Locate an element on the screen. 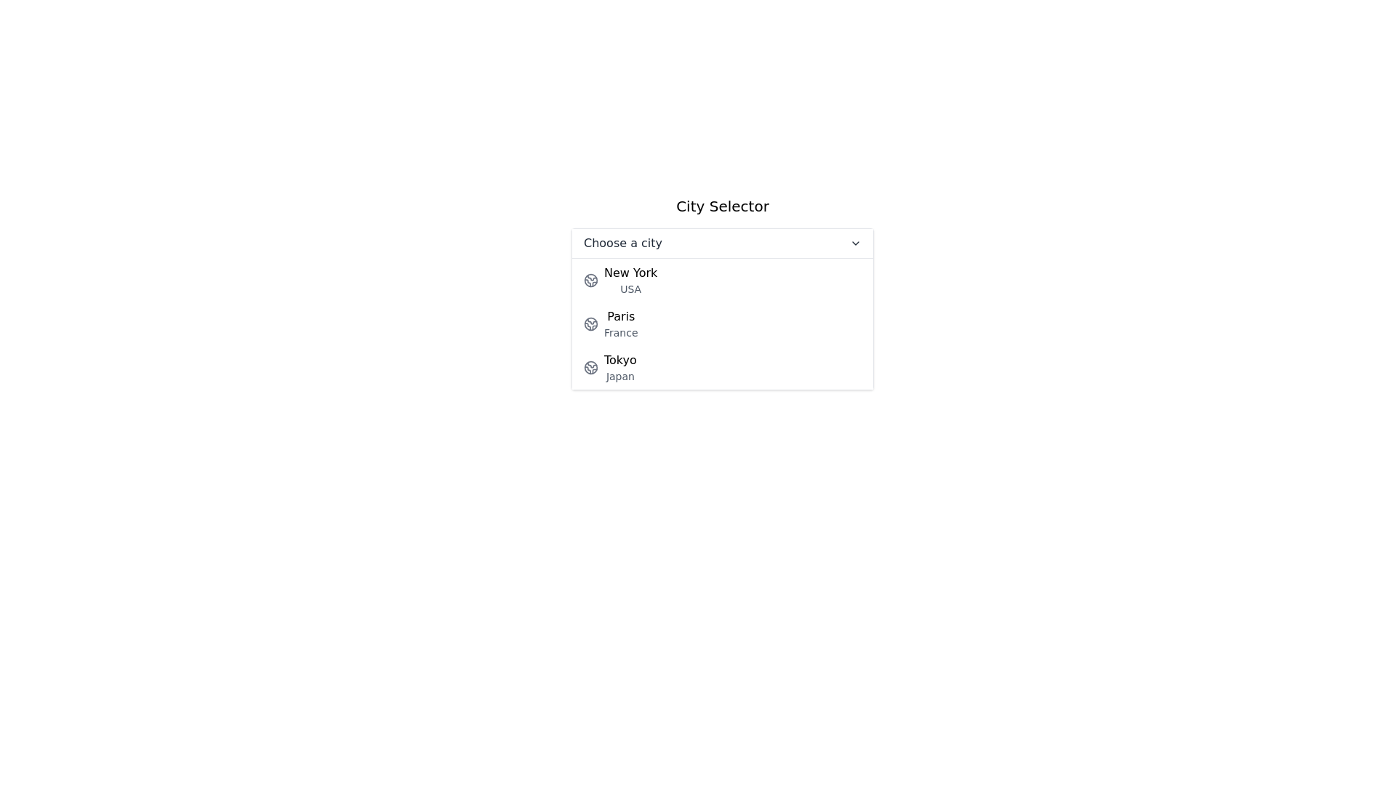 This screenshot has height=785, width=1396. the small circular globe icon, styled with a gray stroke, located to the left of the 'New York' text in the dropdown selection menu is located at coordinates (590, 280).